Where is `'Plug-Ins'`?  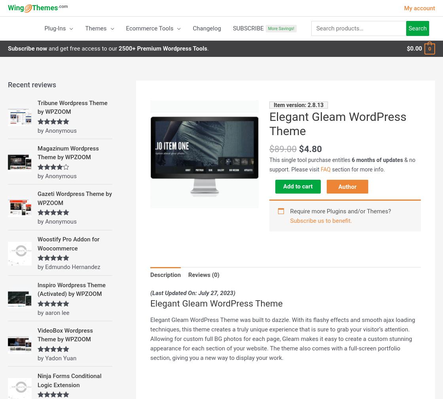
'Plug-Ins' is located at coordinates (55, 28).